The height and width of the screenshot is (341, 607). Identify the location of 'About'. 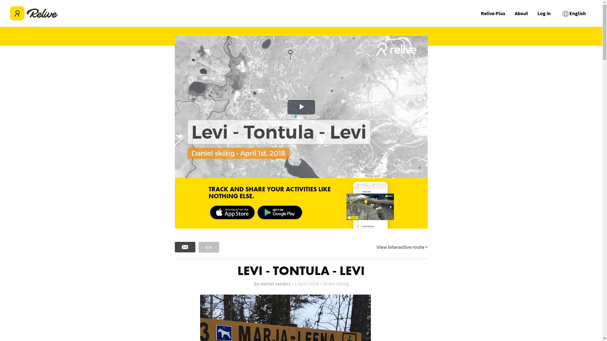
(521, 13).